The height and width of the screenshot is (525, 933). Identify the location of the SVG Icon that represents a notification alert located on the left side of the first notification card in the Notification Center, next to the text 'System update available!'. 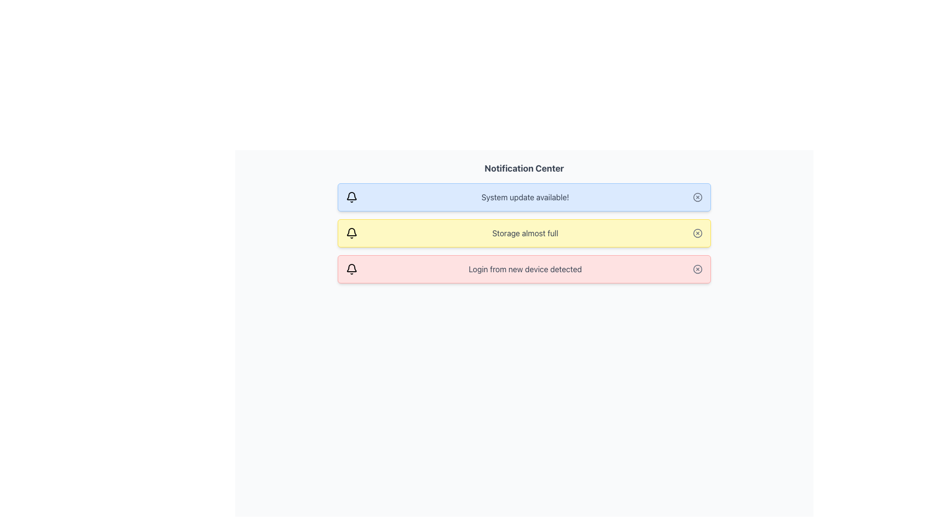
(351, 196).